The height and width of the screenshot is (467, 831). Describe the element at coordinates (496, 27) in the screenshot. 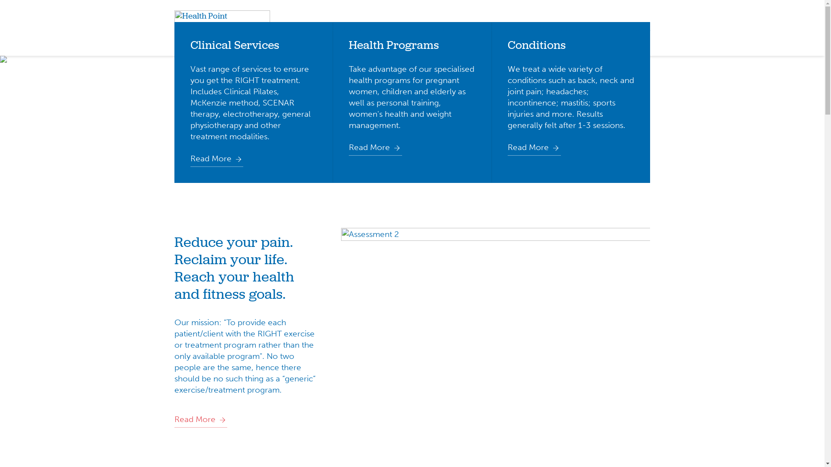

I see `'Info for GPs'` at that location.